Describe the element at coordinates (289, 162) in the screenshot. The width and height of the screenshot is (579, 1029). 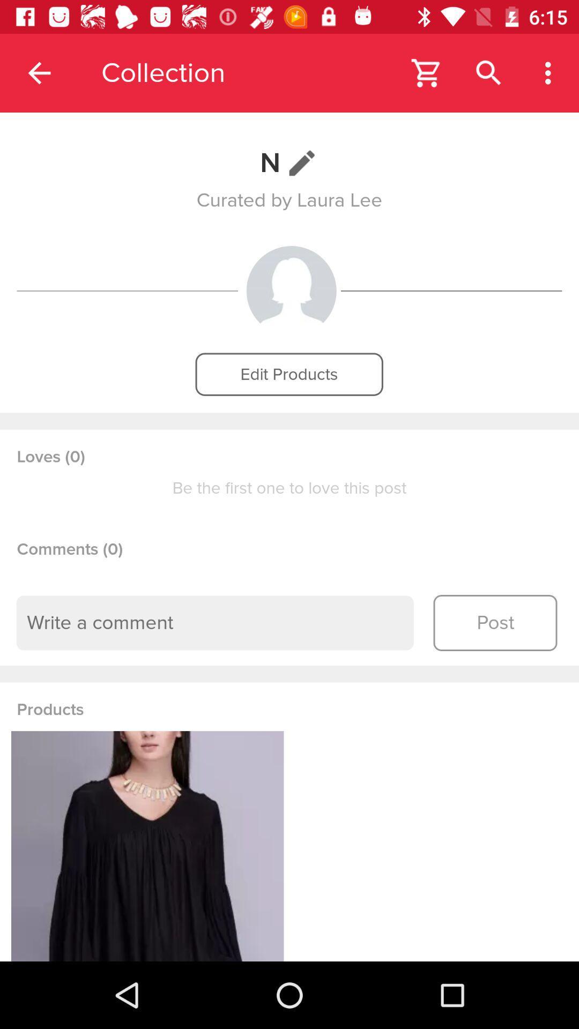
I see `n item` at that location.